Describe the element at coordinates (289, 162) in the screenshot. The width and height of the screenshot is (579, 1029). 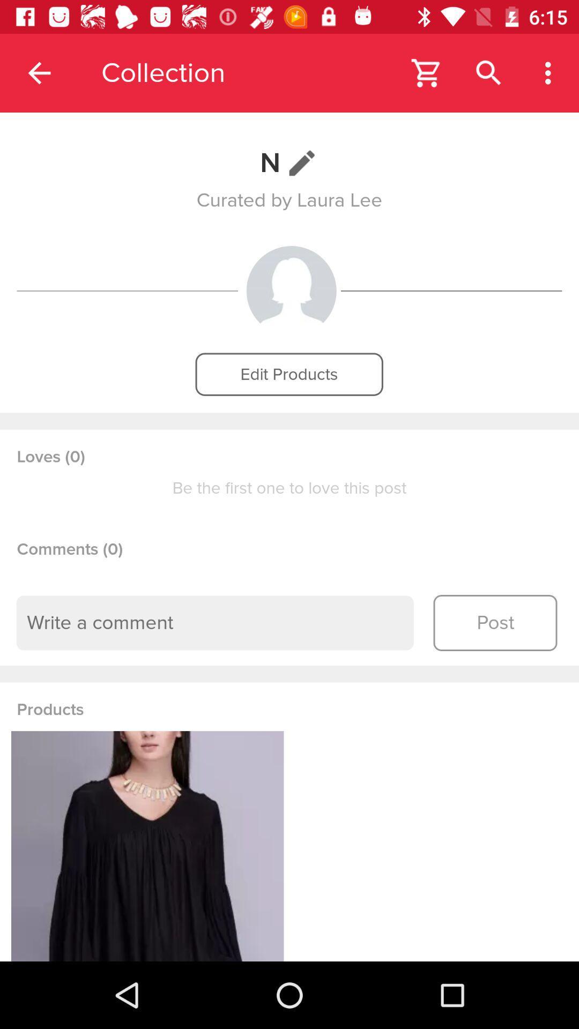
I see `n item` at that location.